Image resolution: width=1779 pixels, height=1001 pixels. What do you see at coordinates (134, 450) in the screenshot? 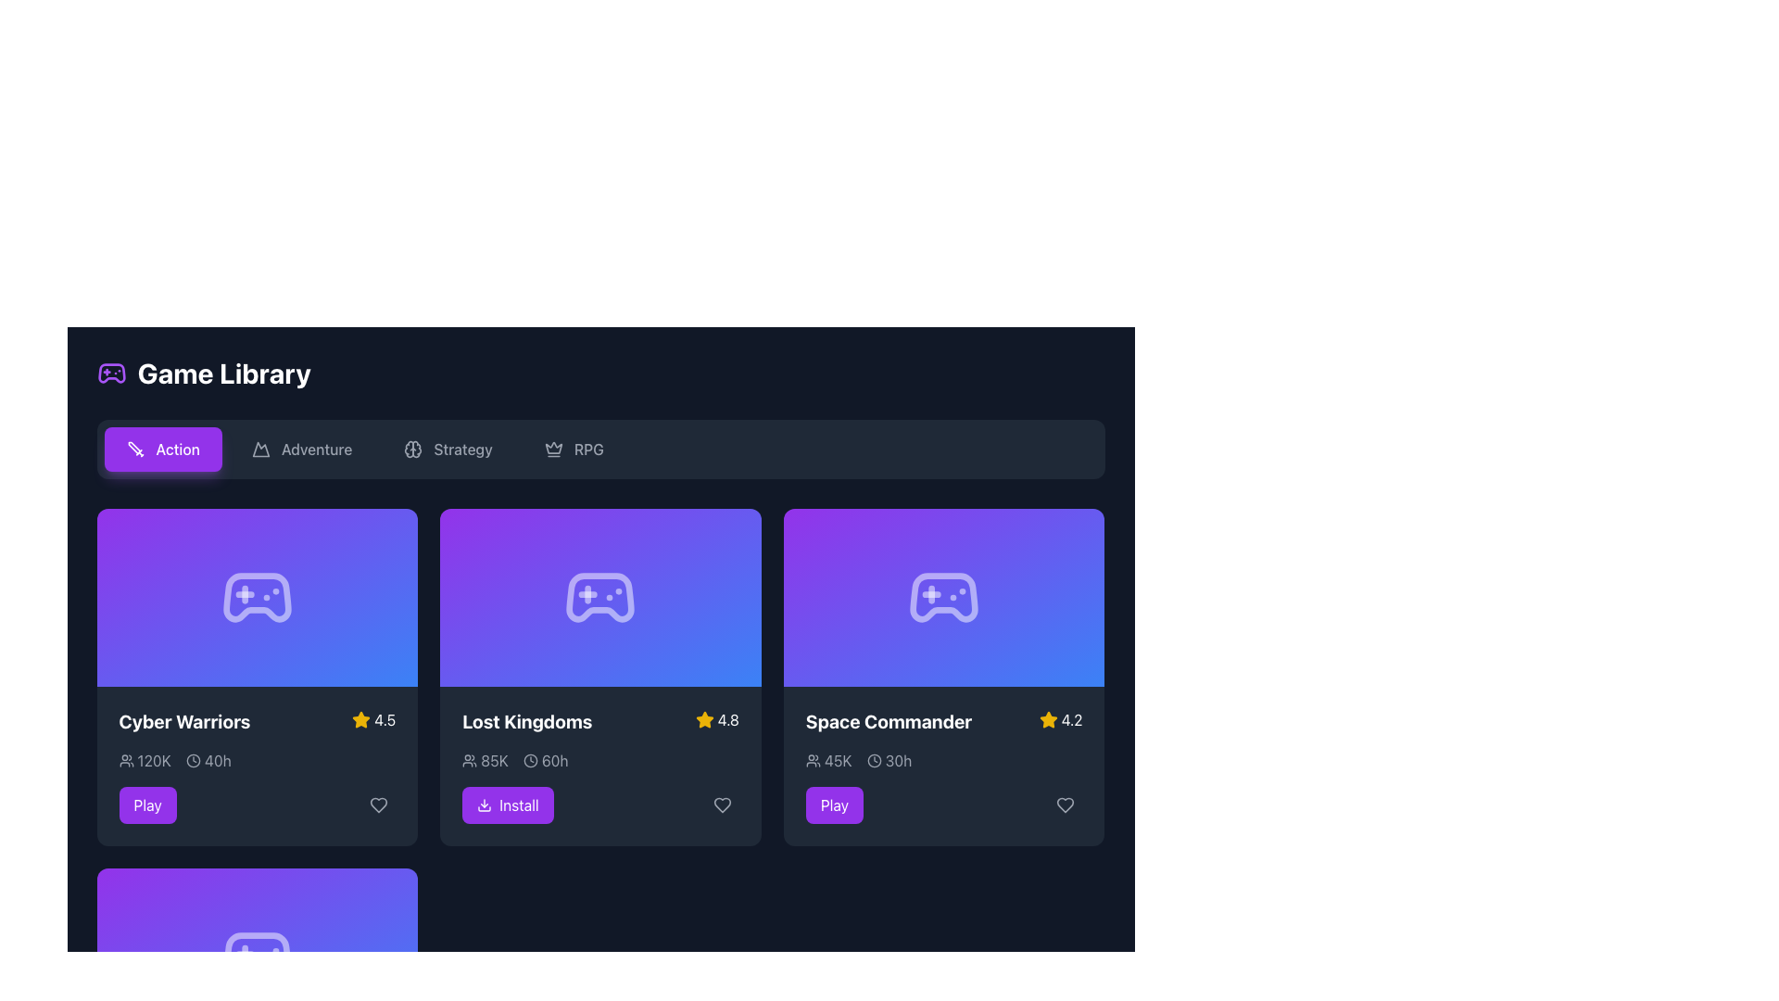
I see `the sword-shaped icon on the 'Action' button located at the top left corner of the interface, which has a white color on a purple background` at bounding box center [134, 450].